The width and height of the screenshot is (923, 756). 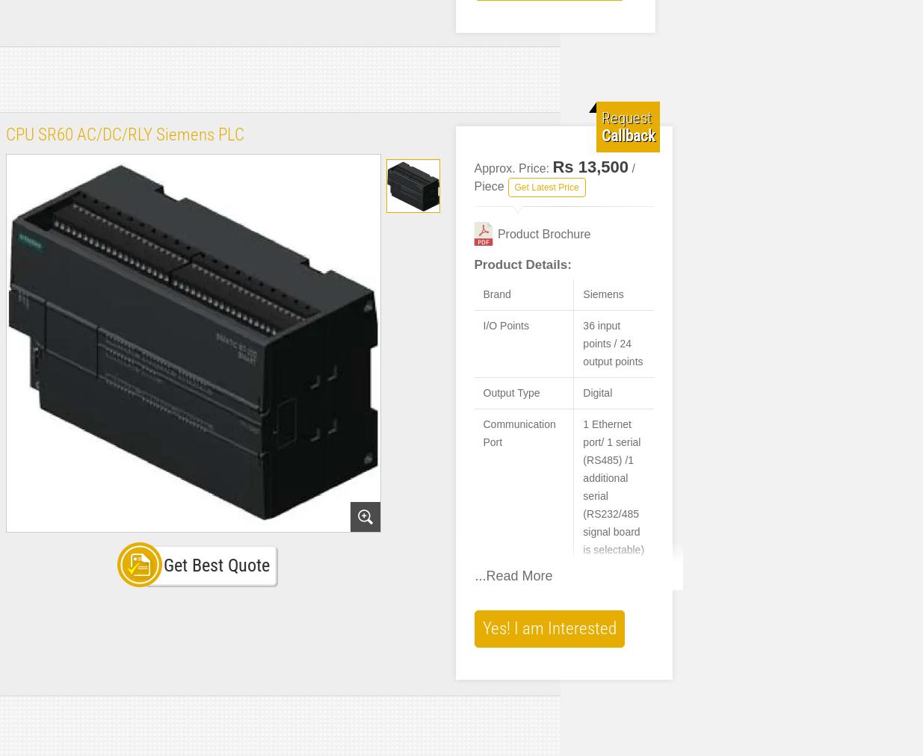 I want to click on 'Max. I/O points: 256 input points + 16 output points, or 256 output points + 16 input points', so click(x=565, y=134).